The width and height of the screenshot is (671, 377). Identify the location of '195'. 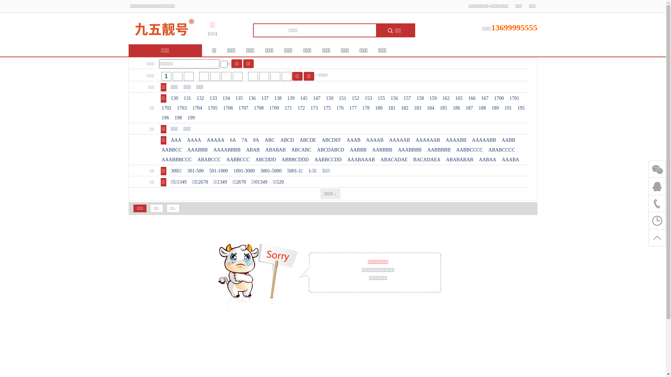
(521, 108).